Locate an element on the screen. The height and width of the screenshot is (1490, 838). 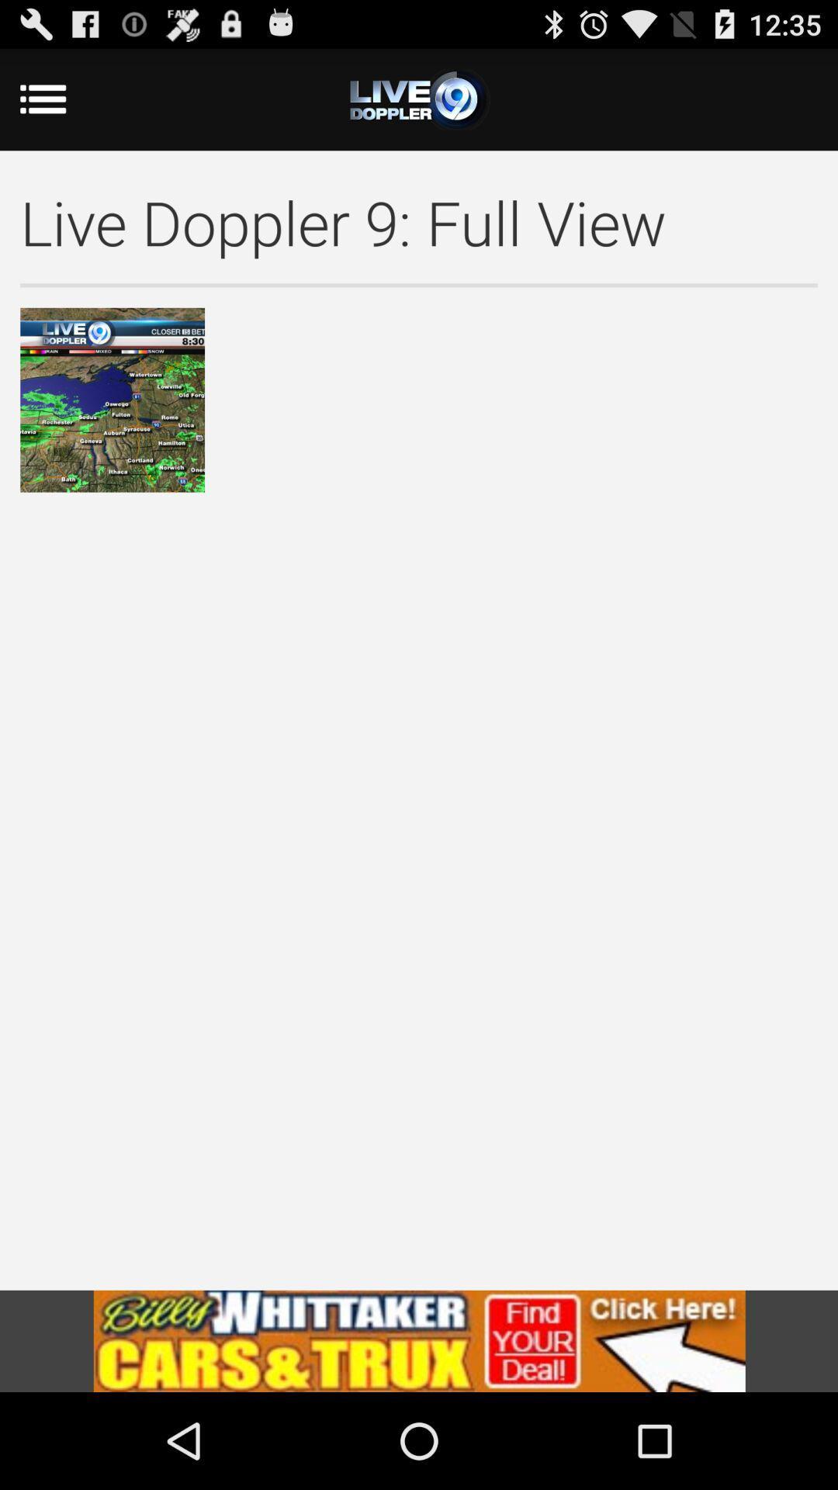
icon above the live doppler 9 item is located at coordinates (62, 99).